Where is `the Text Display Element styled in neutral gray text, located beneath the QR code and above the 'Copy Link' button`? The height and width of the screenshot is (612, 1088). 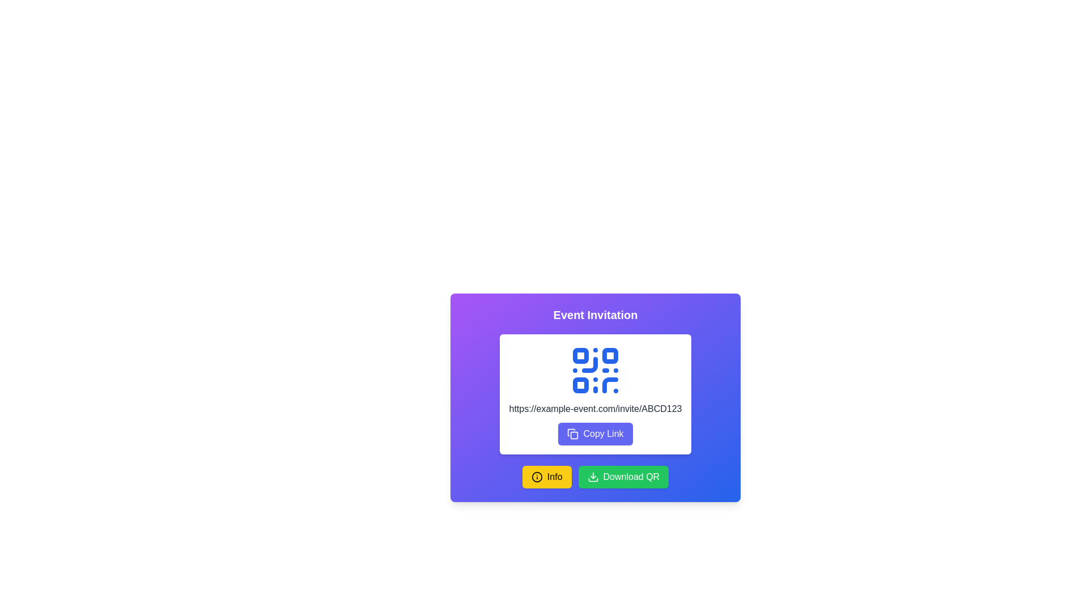 the Text Display Element styled in neutral gray text, located beneath the QR code and above the 'Copy Link' button is located at coordinates (595, 409).